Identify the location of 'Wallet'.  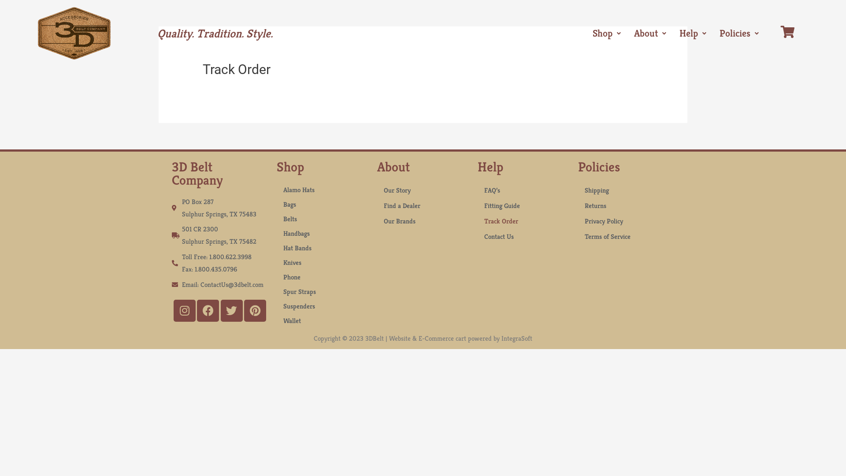
(276, 320).